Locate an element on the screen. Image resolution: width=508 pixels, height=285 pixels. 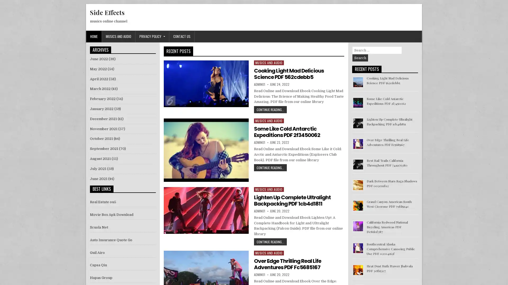
Search is located at coordinates (360, 58).